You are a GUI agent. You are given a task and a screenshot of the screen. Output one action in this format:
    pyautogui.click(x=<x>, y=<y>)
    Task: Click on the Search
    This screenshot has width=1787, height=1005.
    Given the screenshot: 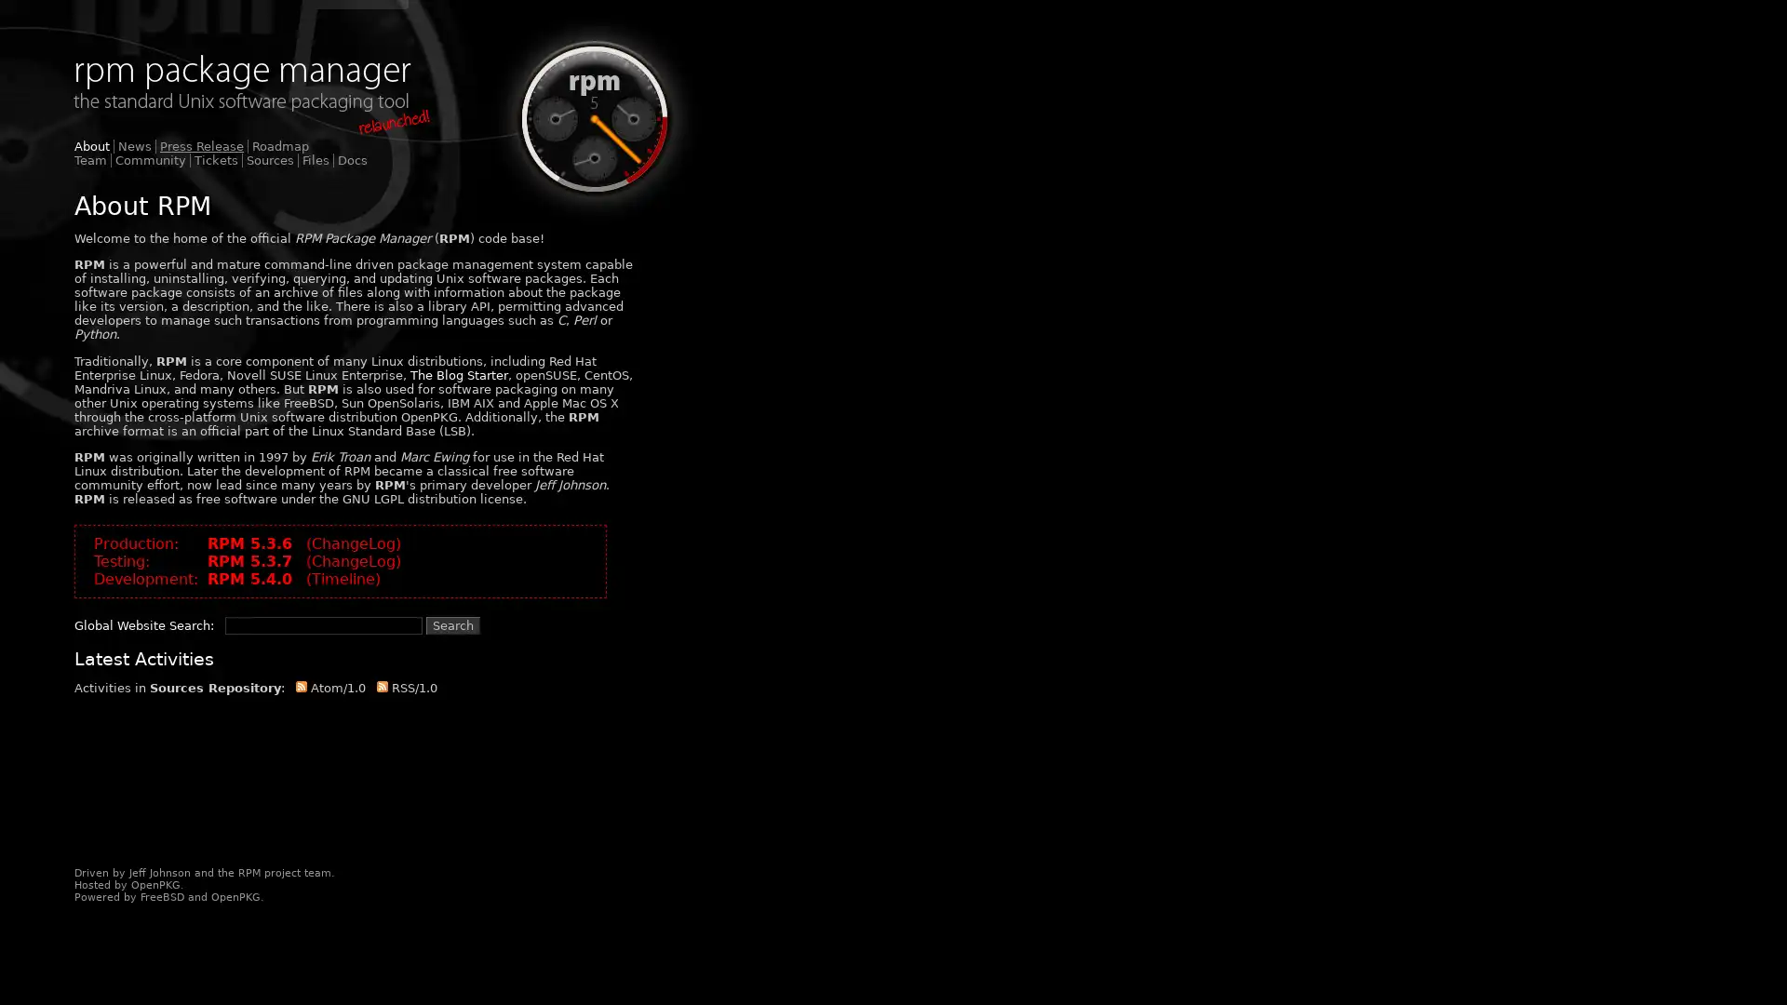 What is the action you would take?
    pyautogui.click(x=452, y=624)
    